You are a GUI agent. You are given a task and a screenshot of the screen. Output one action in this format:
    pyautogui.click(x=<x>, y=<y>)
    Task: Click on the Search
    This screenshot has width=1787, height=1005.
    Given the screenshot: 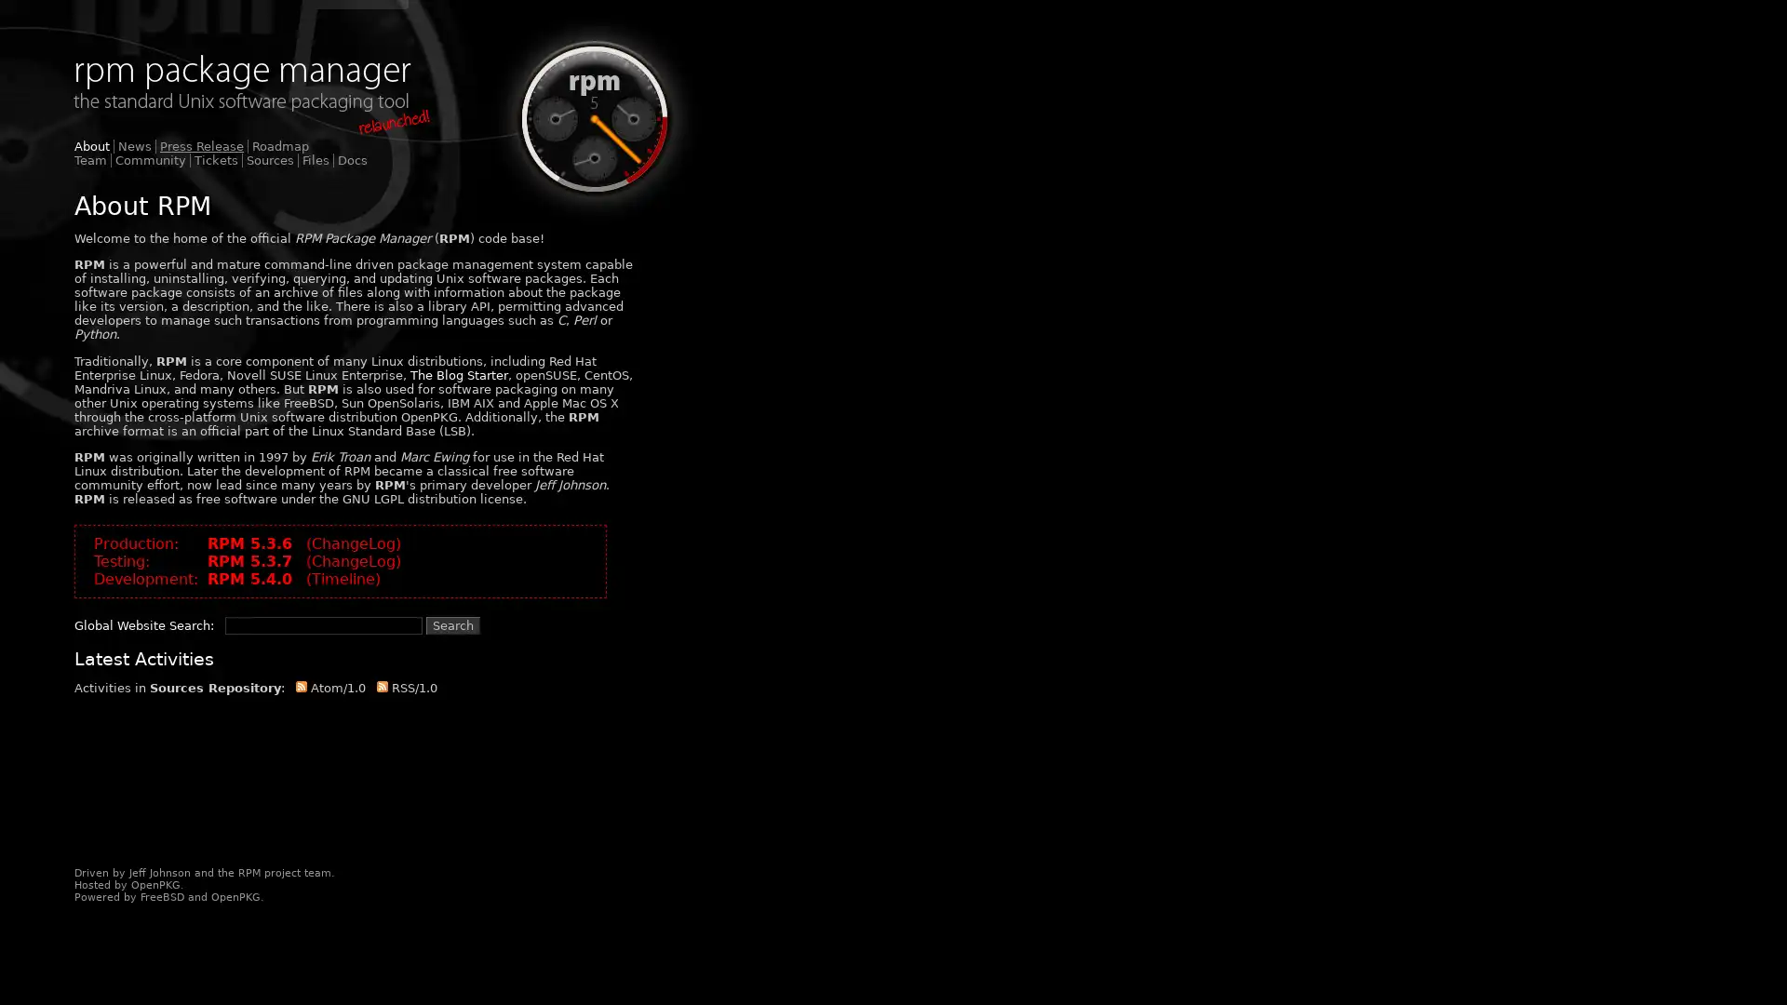 What is the action you would take?
    pyautogui.click(x=452, y=624)
    